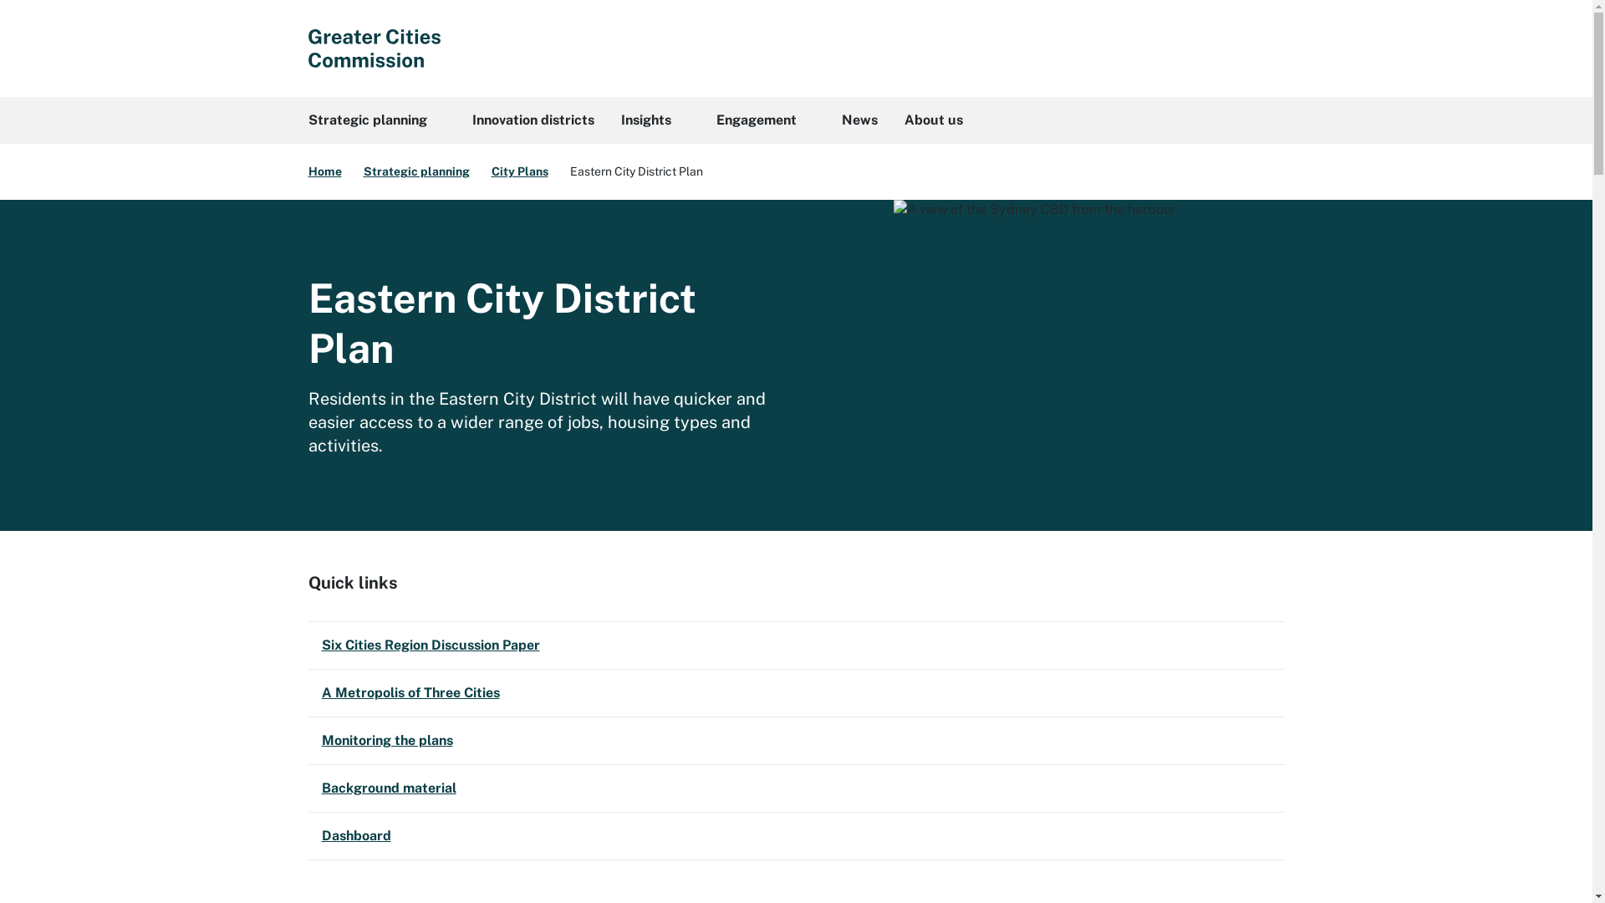  What do you see at coordinates (794, 740) in the screenshot?
I see `'Monitoring the plans'` at bounding box center [794, 740].